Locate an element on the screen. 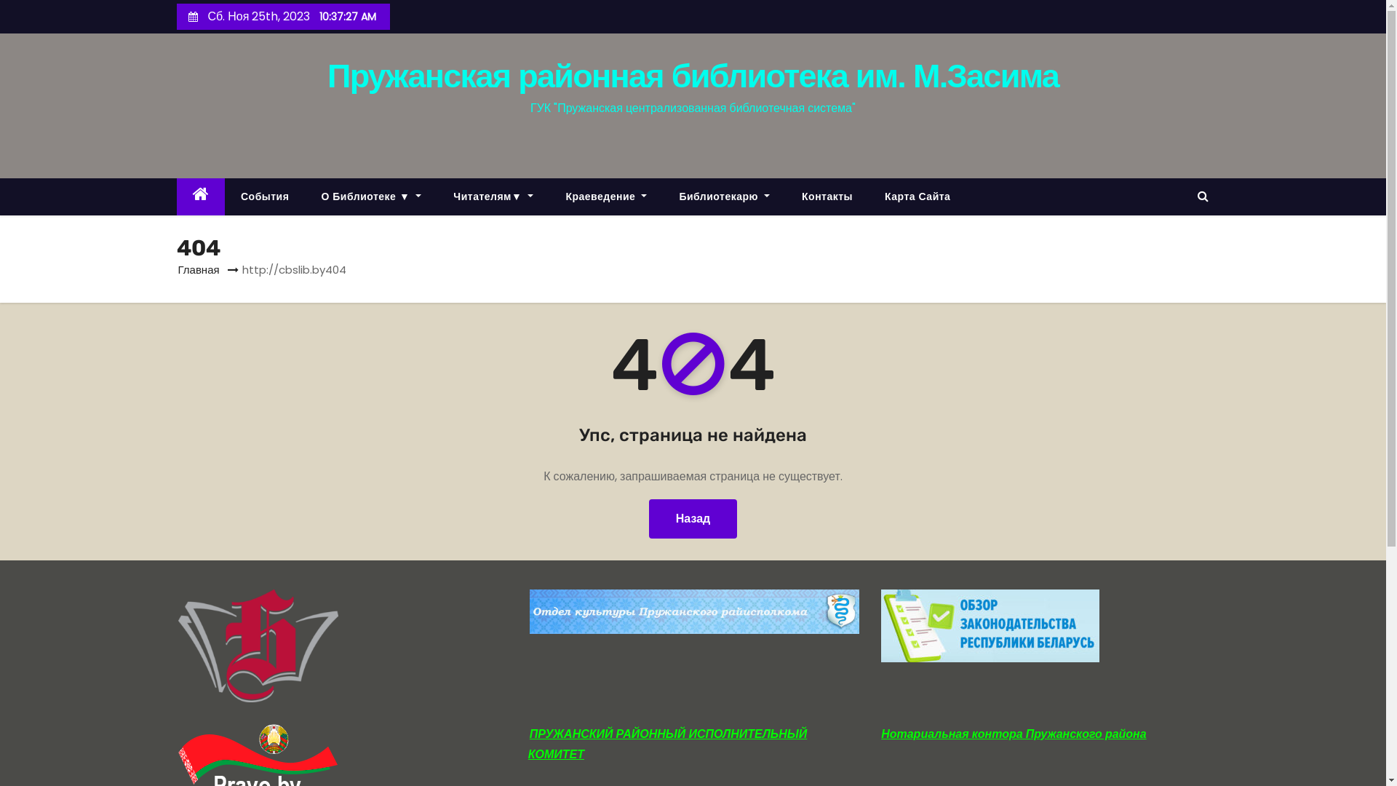  'Home' is located at coordinates (199, 196).